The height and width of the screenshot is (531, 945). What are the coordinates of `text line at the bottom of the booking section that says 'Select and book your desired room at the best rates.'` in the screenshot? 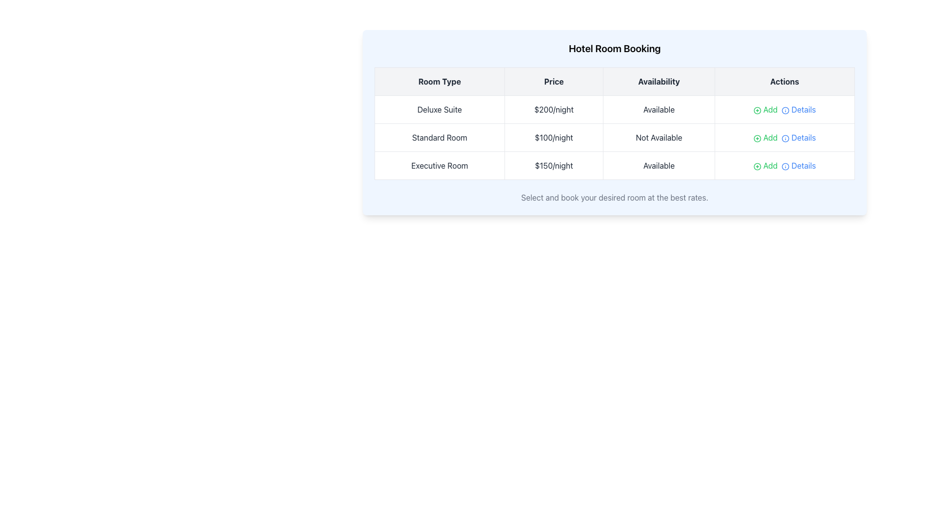 It's located at (614, 197).